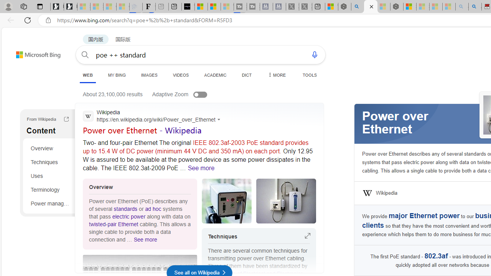 The width and height of the screenshot is (491, 276). What do you see at coordinates (50, 176) in the screenshot?
I see `'Uses'` at bounding box center [50, 176].